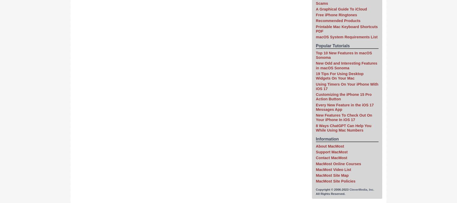 The image size is (457, 203). What do you see at coordinates (346, 28) in the screenshot?
I see `'Printable Mac Keyboard Shortcuts PDF'` at bounding box center [346, 28].